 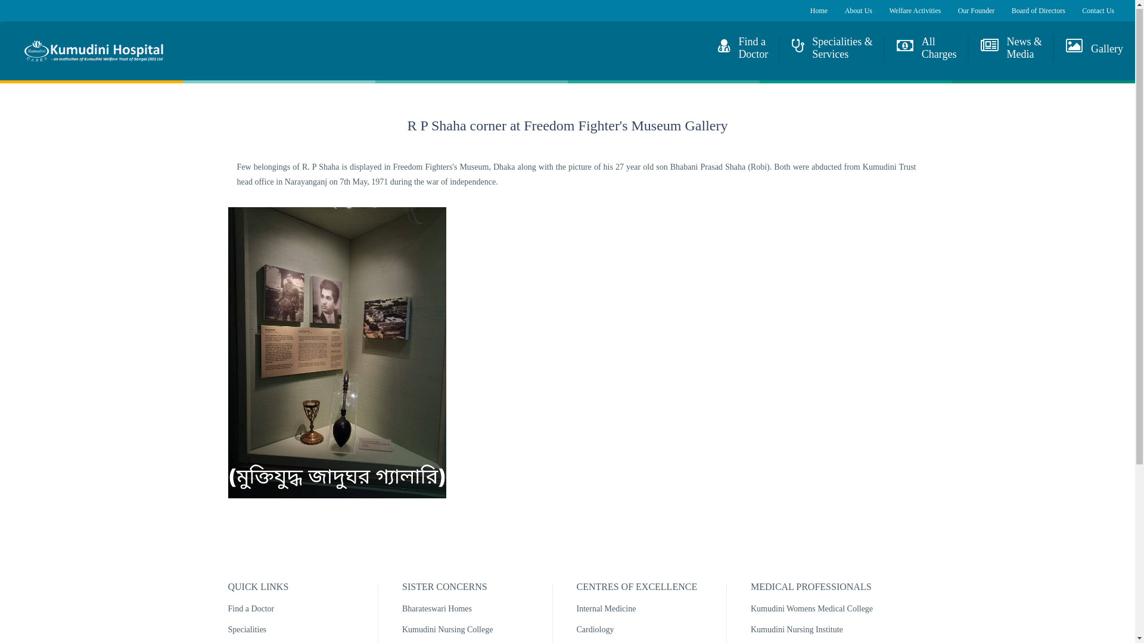 What do you see at coordinates (595, 630) in the screenshot?
I see `'Cardiology'` at bounding box center [595, 630].